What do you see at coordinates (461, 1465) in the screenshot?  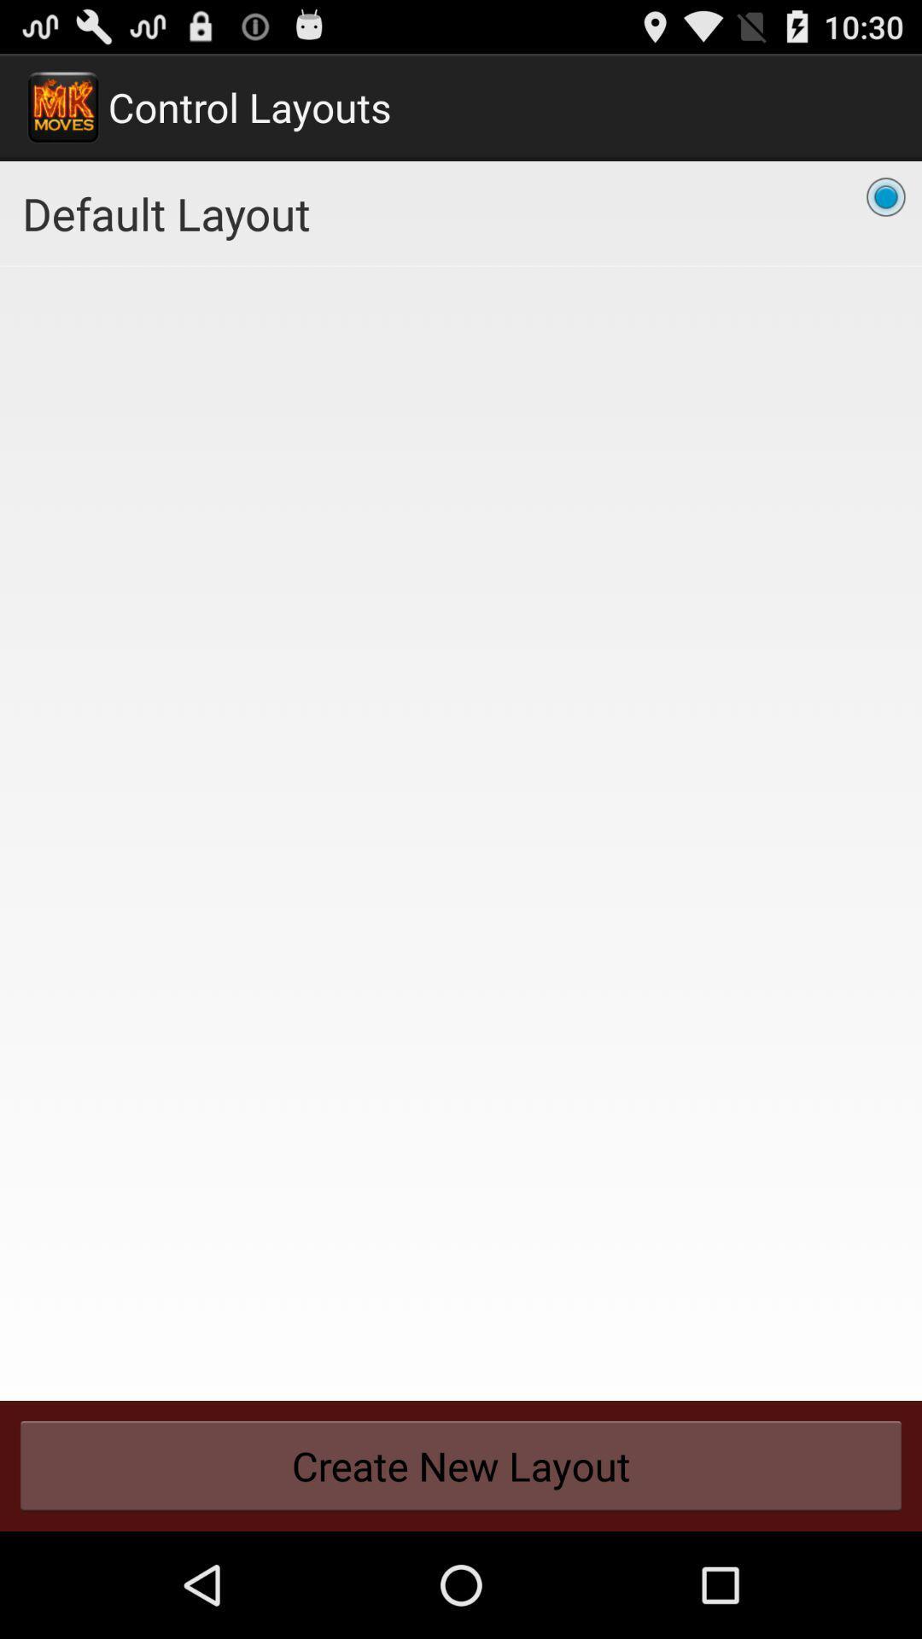 I see `create new layout at the bottom` at bounding box center [461, 1465].